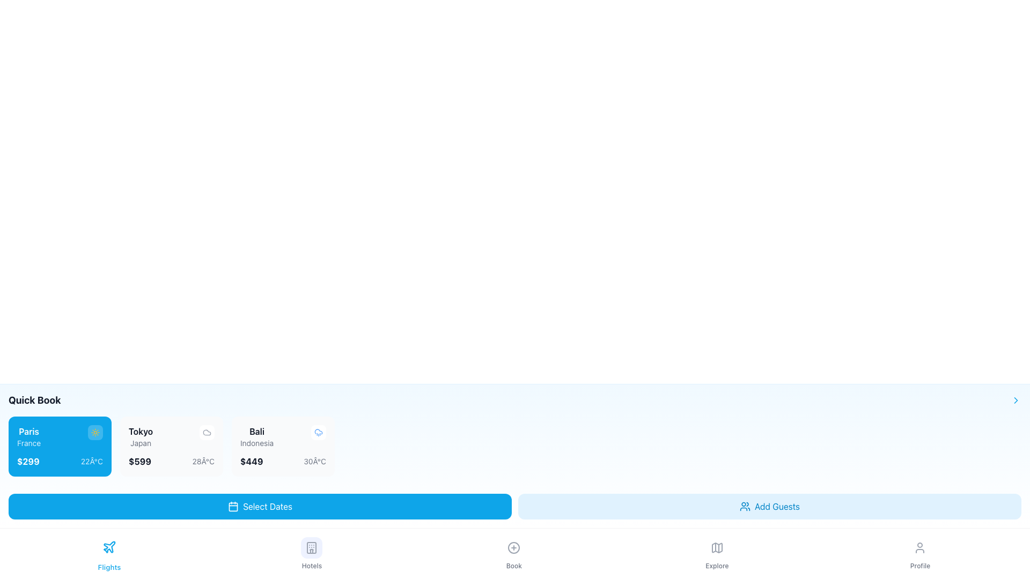 The height and width of the screenshot is (579, 1030). Describe the element at coordinates (29, 436) in the screenshot. I see `the Label displaying contextual information with 'Paris' in bold font and 'France' in smaller font, located within a blue rectangular background in the Quick Book area` at that location.